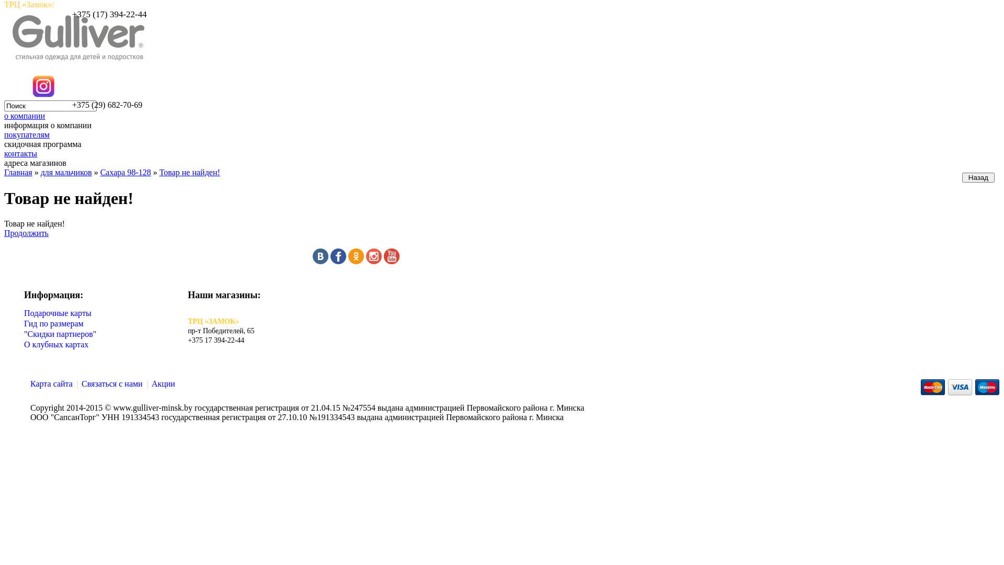  Describe the element at coordinates (383, 261) in the screenshot. I see `'youtube'` at that location.